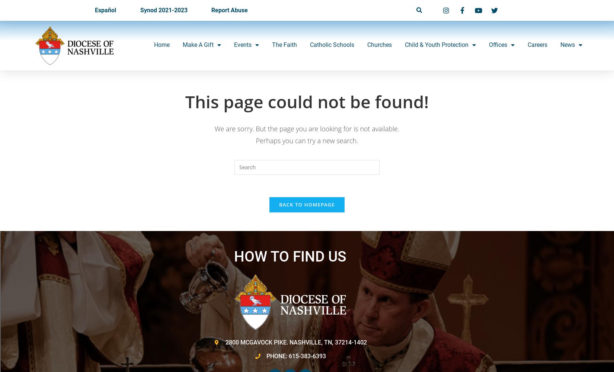 This screenshot has width=614, height=372. Describe the element at coordinates (290, 256) in the screenshot. I see `'HOW TO FIND US'` at that location.